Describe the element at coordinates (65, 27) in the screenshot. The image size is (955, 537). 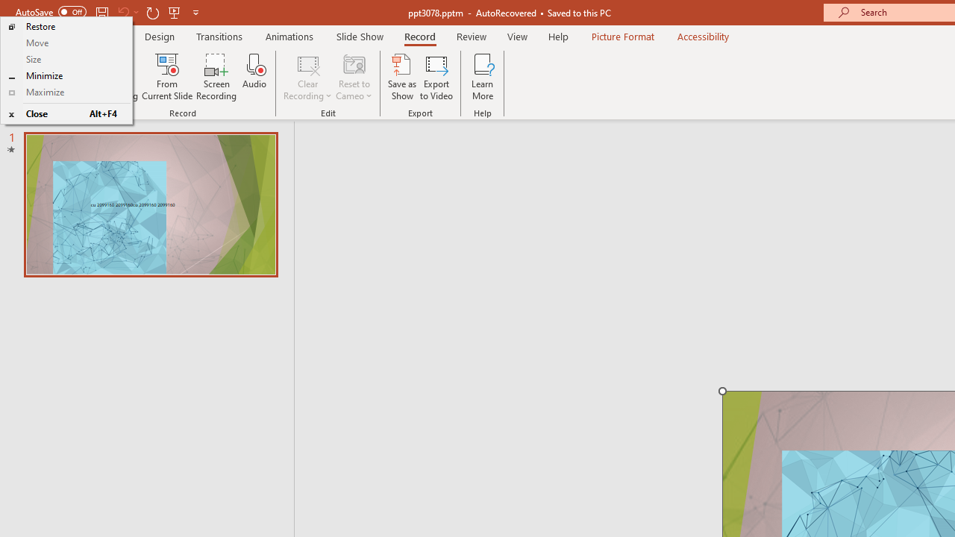
I see `'Restore'` at that location.